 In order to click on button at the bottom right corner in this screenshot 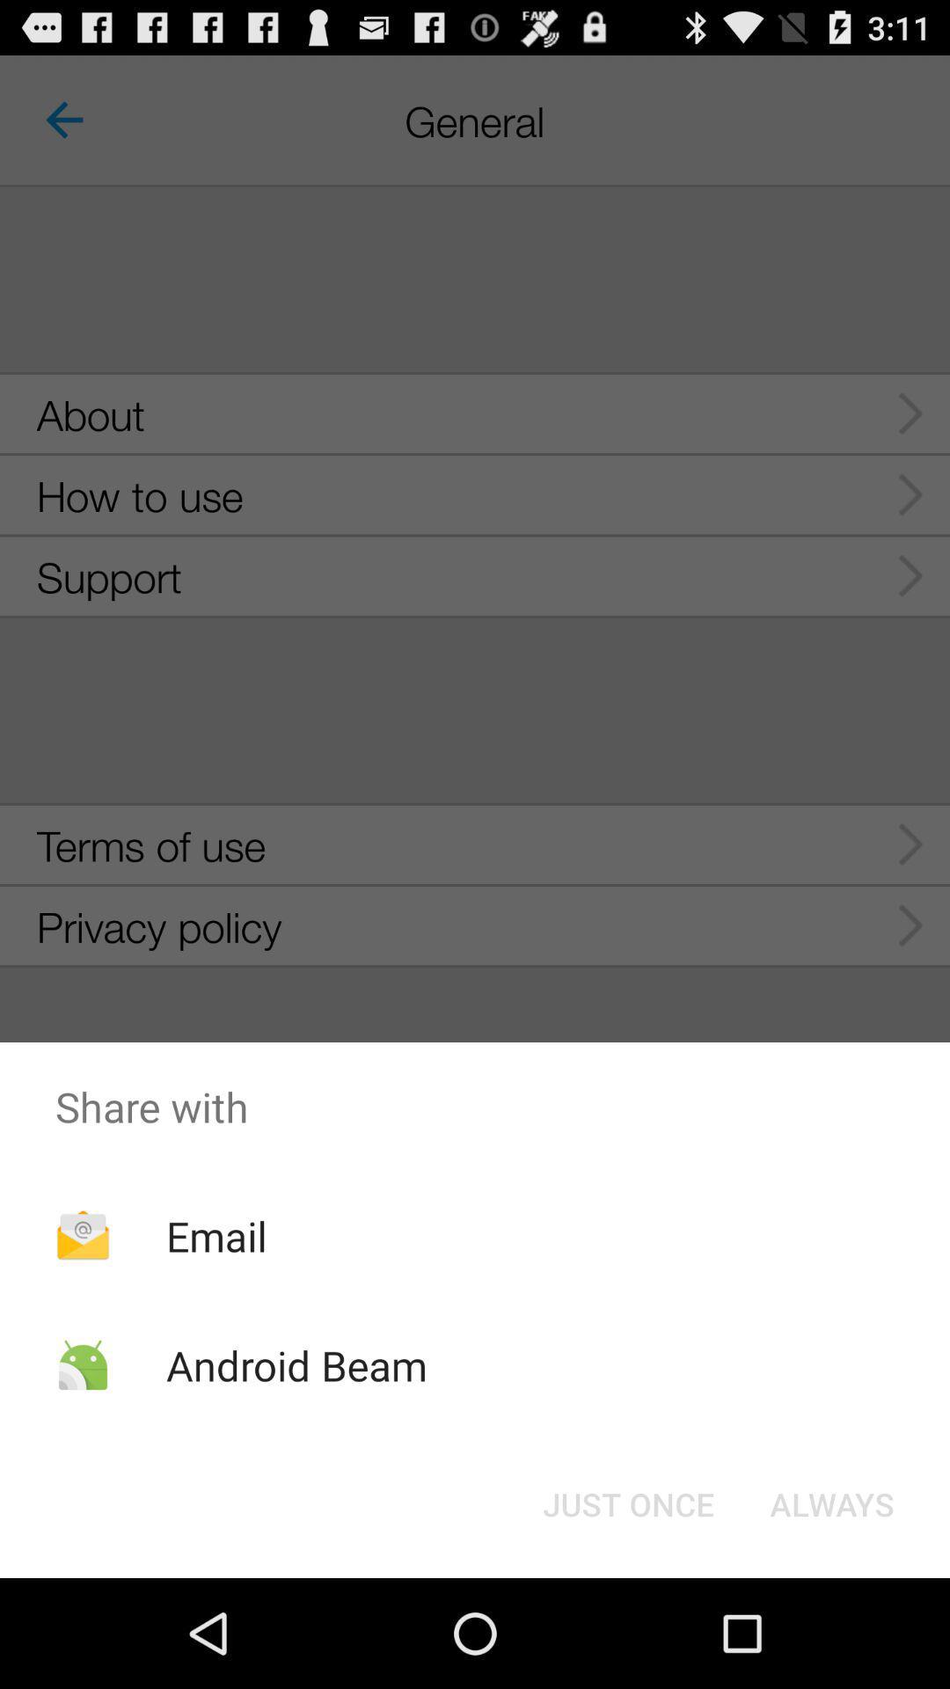, I will do `click(831, 1503)`.